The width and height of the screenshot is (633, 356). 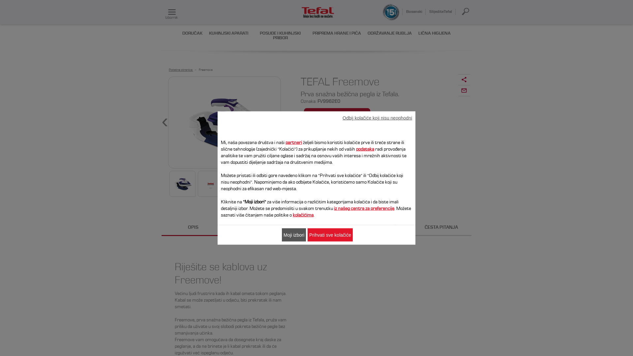 I want to click on 'Moji izbori', so click(x=293, y=234).